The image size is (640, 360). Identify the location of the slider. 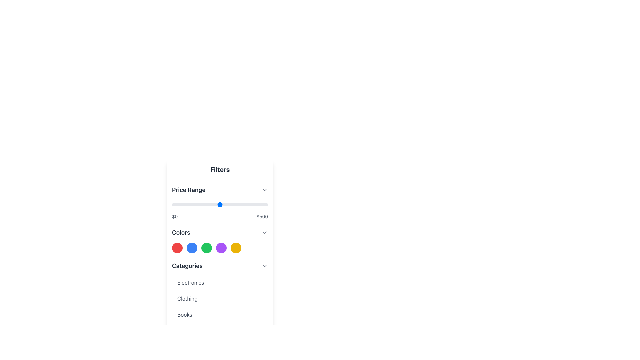
(247, 204).